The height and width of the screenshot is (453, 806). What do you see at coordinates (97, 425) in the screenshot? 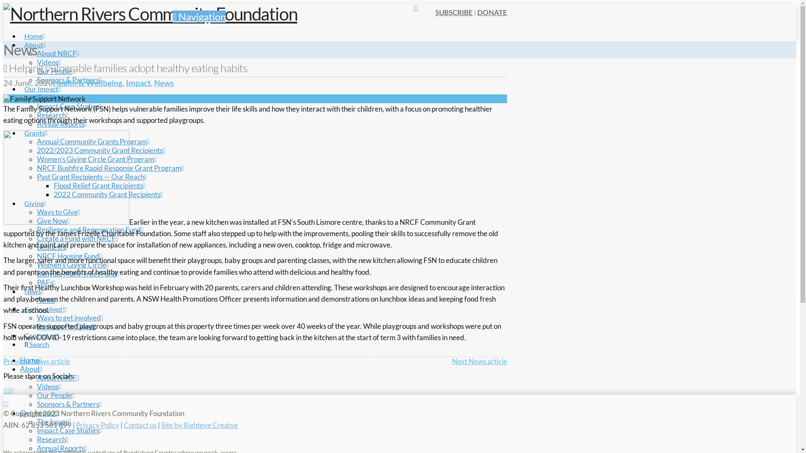
I see `'Privacy Policy'` at bounding box center [97, 425].